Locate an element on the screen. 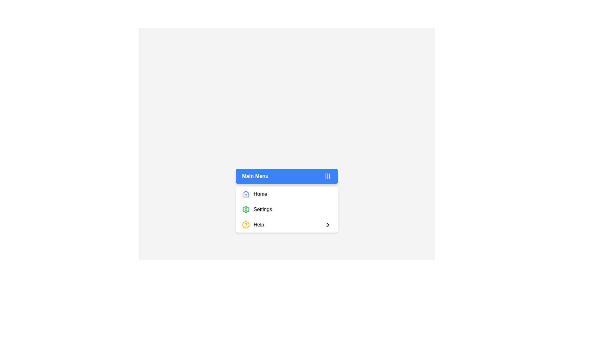 The image size is (614, 345). the 'Help' SVG graphic element, which is a circular icon representing a question mark, positioned to the left of the 'Help' text is located at coordinates (245, 225).